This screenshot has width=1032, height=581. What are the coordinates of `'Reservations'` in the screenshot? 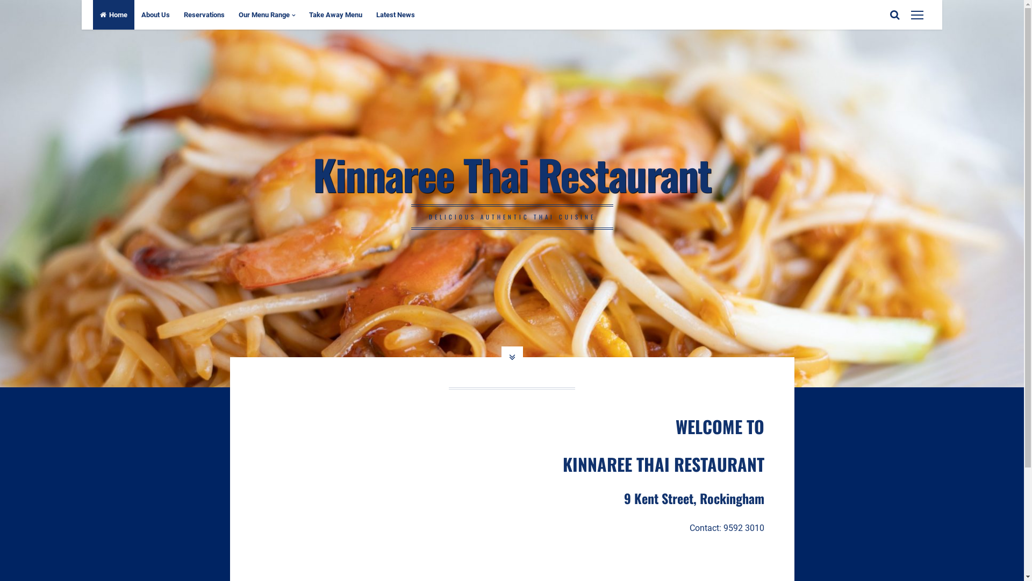 It's located at (204, 15).